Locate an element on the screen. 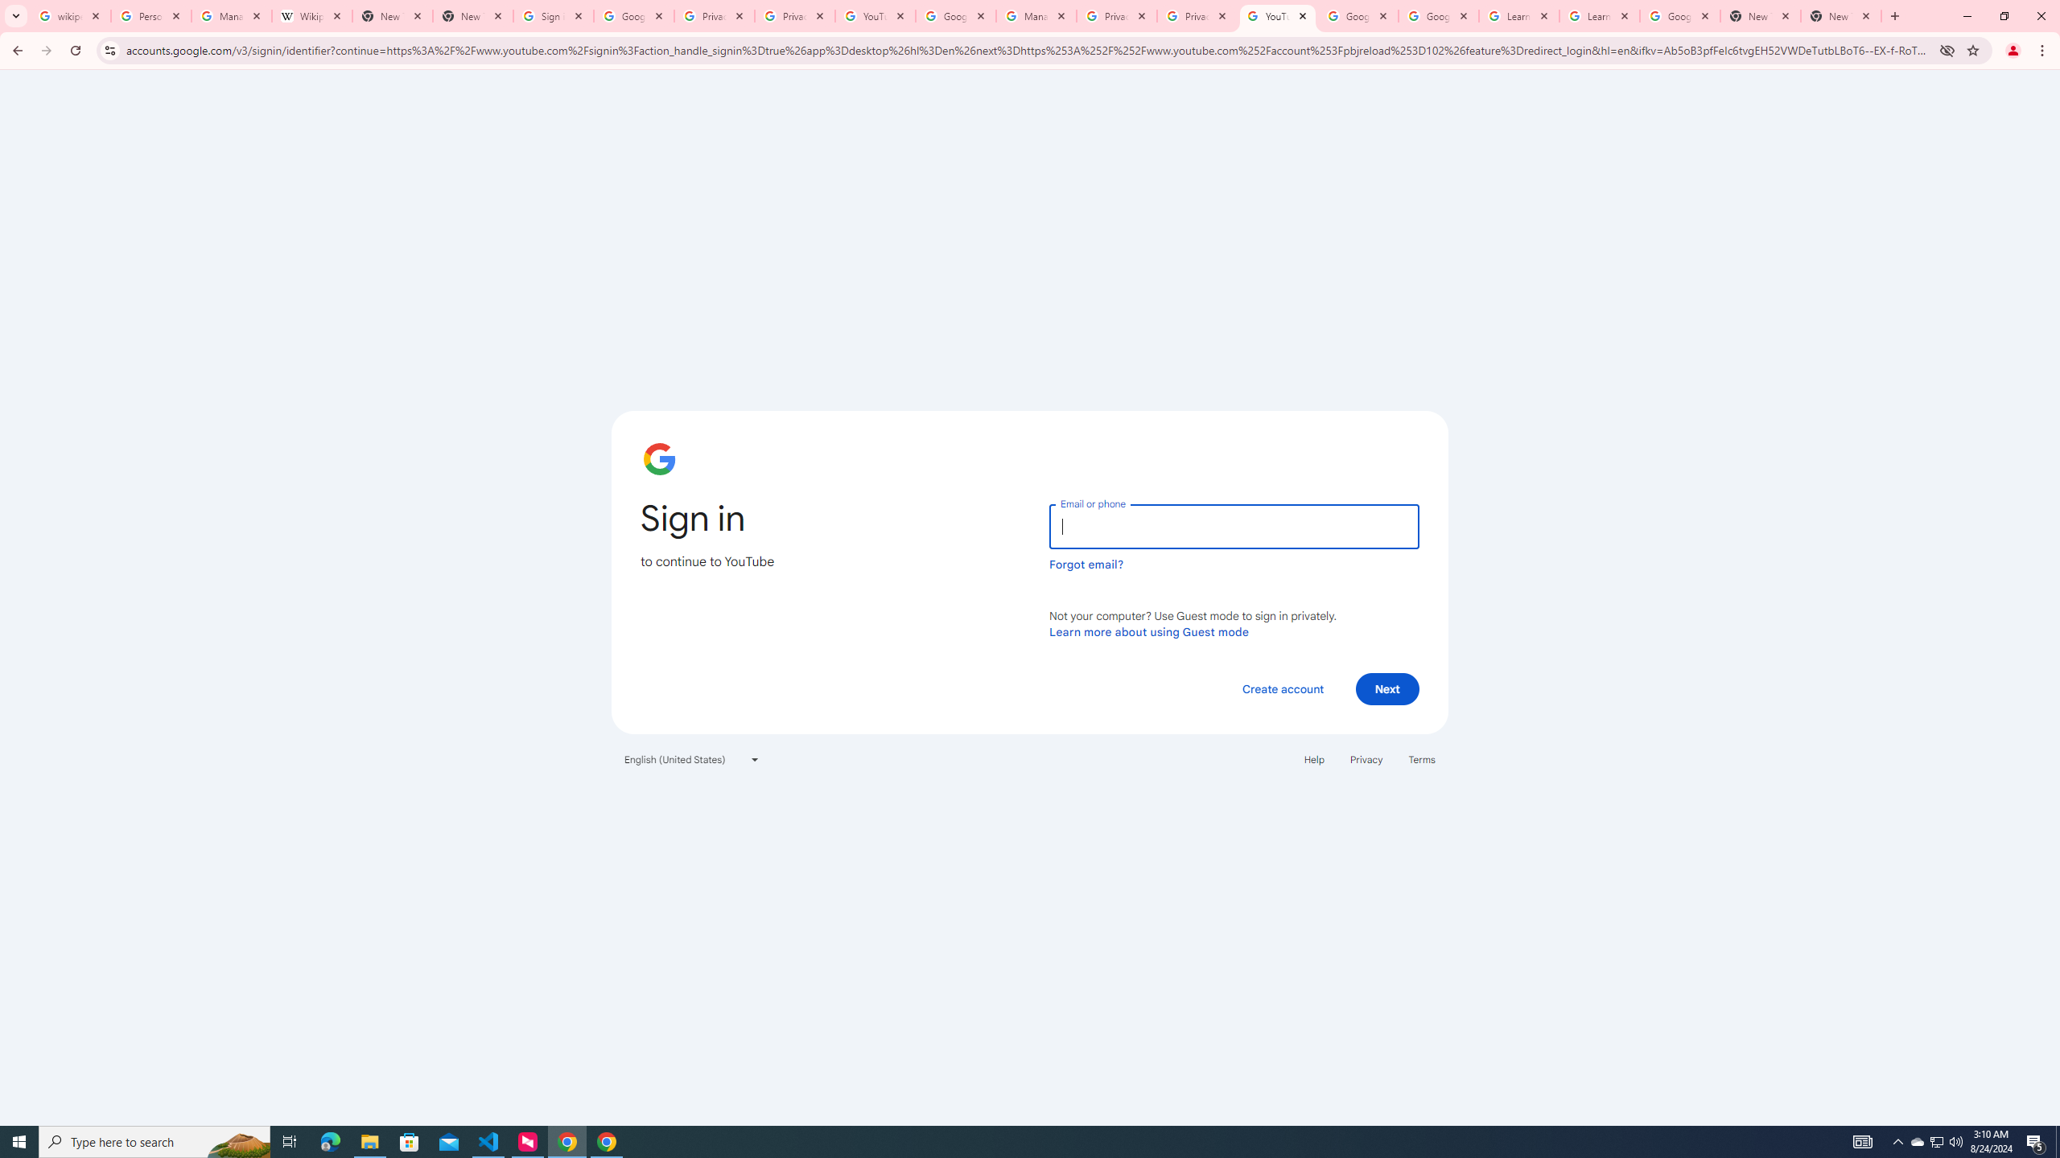 The image size is (2060, 1158). 'Sign in - Google Accounts' is located at coordinates (554, 15).